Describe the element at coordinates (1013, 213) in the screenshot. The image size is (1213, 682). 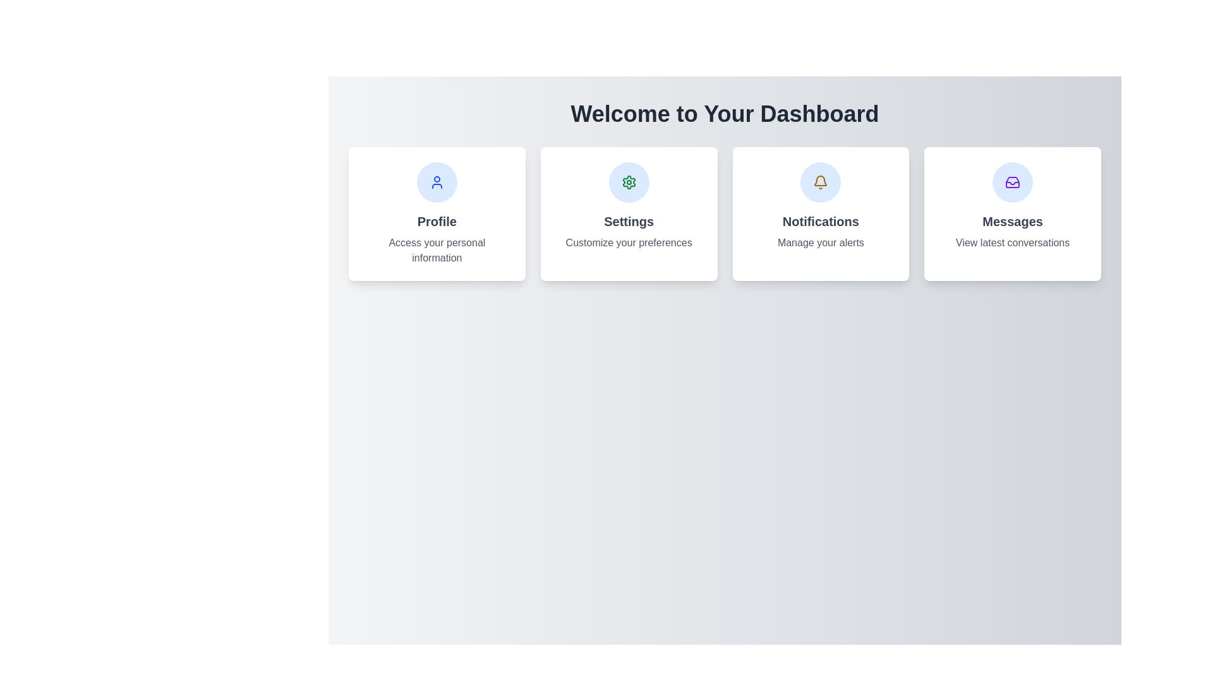
I see `the Messages Card located on the far right within a row of four cards, positioned to the right of the Notifications Card` at that location.